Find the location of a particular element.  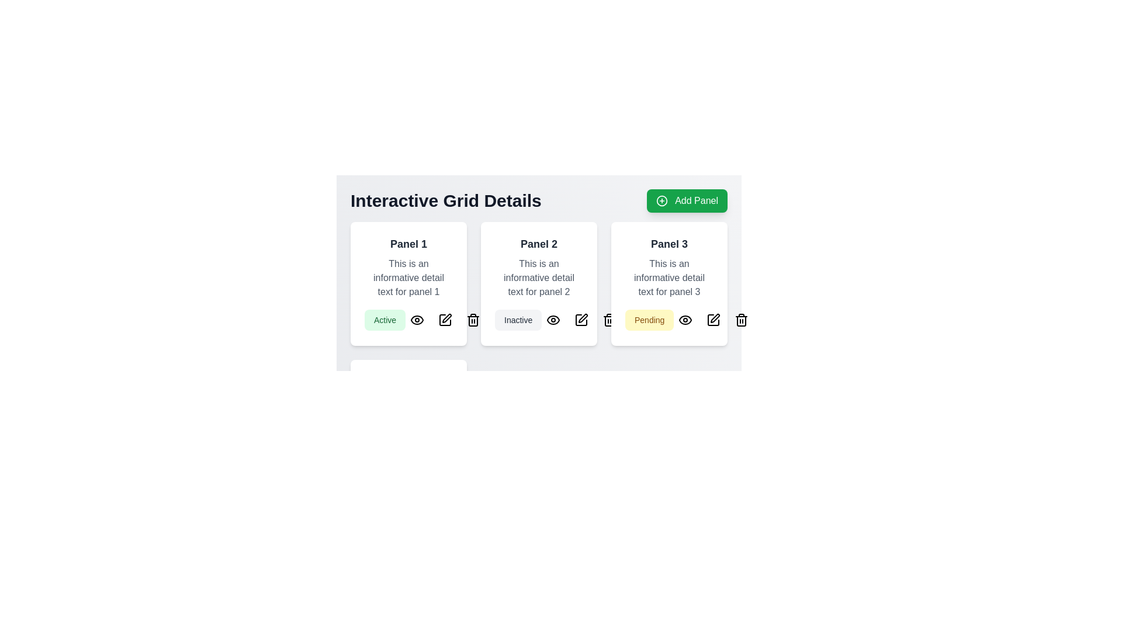

the trash can icon located at the far right of the action buttons group below the 'Panel 3' card is located at coordinates (741, 321).